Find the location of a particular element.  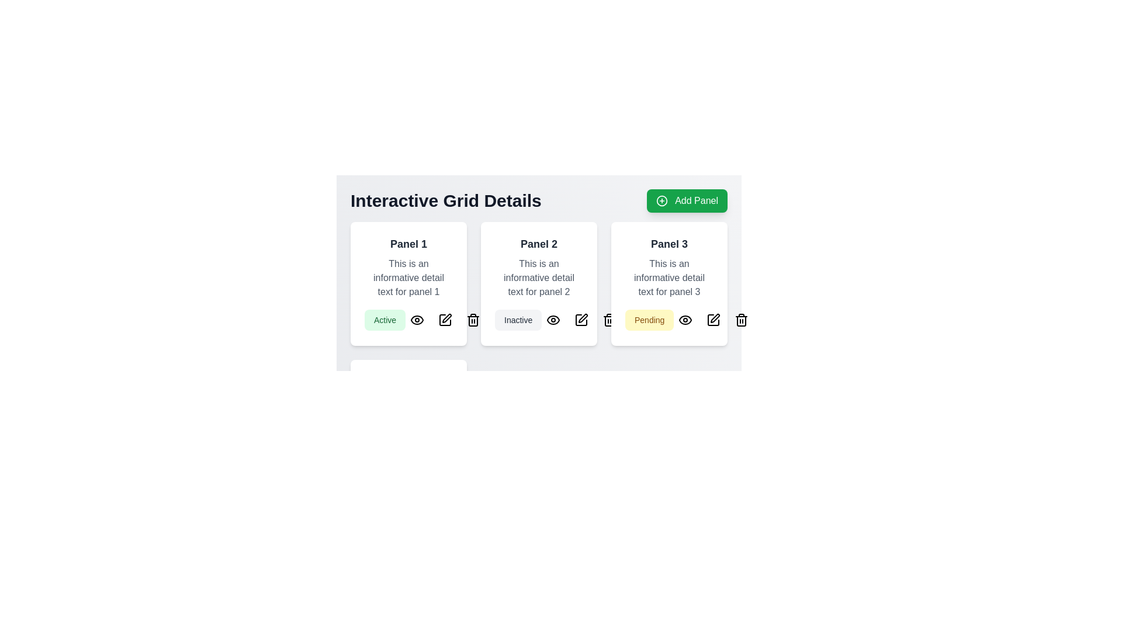

the trash can icon located at the far right of the action buttons group below the 'Panel 3' card is located at coordinates (741, 321).